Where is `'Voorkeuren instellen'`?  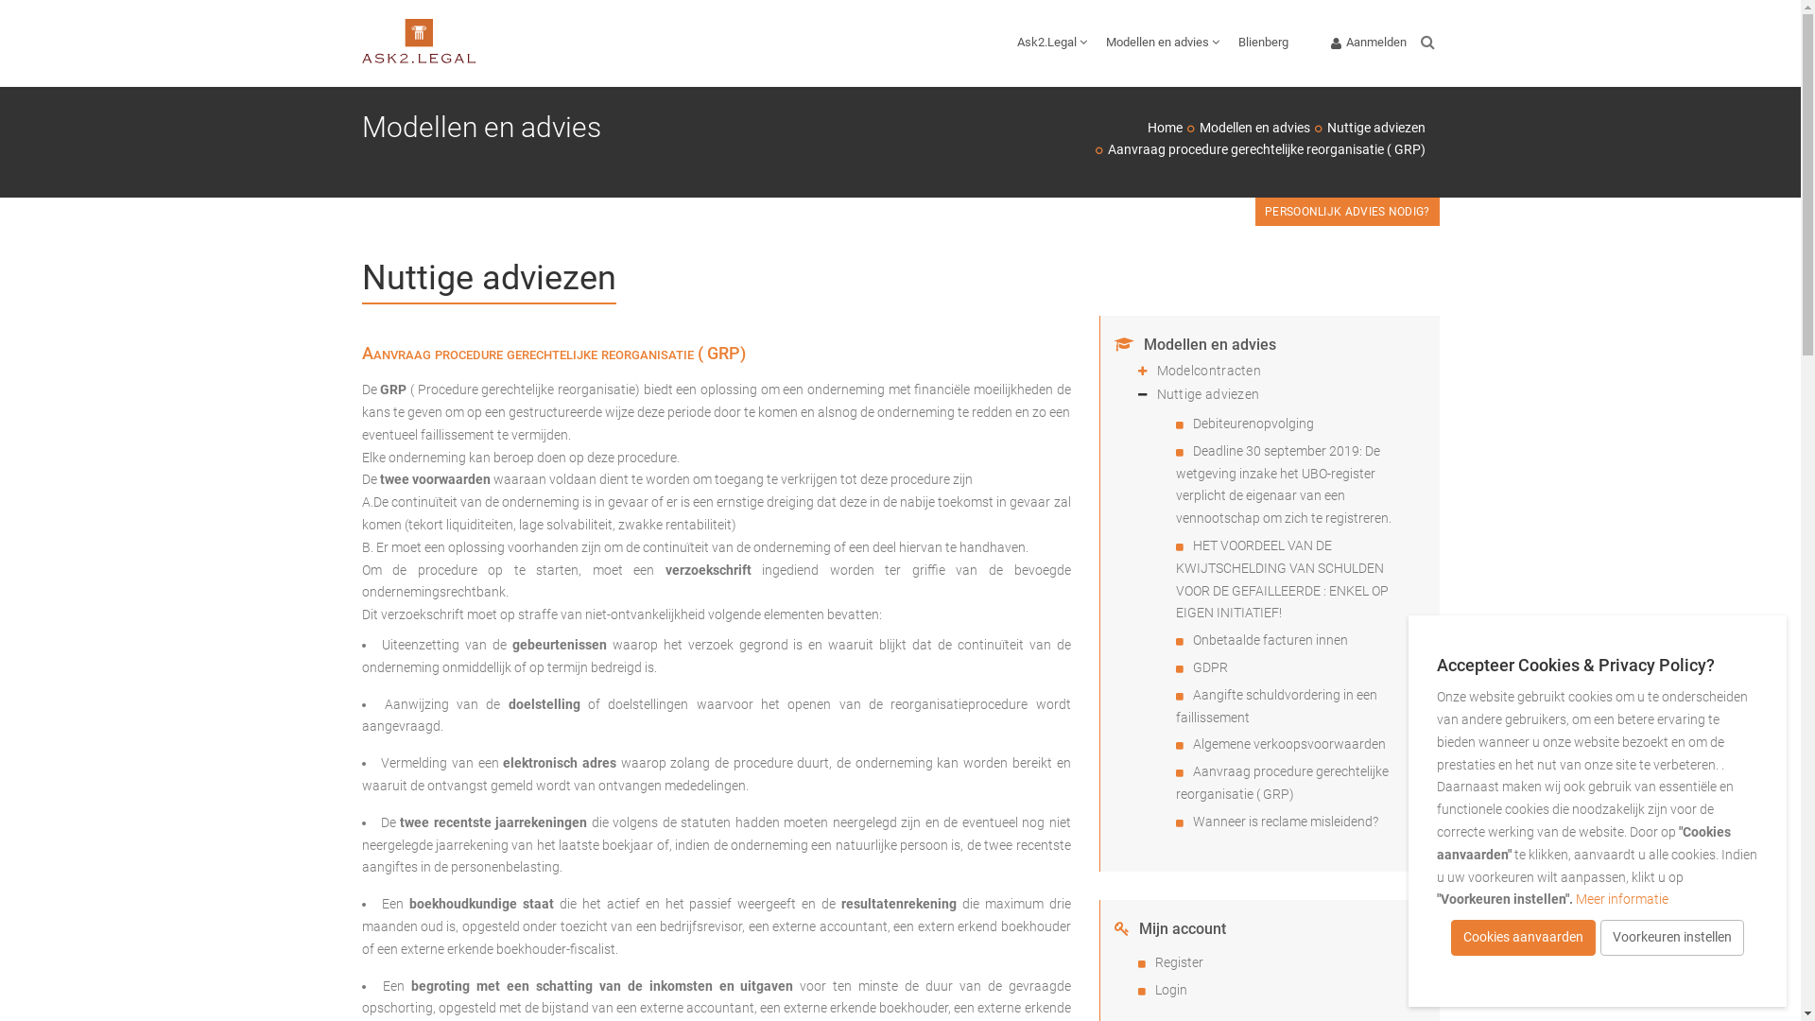
'Voorkeuren instellen' is located at coordinates (1672, 937).